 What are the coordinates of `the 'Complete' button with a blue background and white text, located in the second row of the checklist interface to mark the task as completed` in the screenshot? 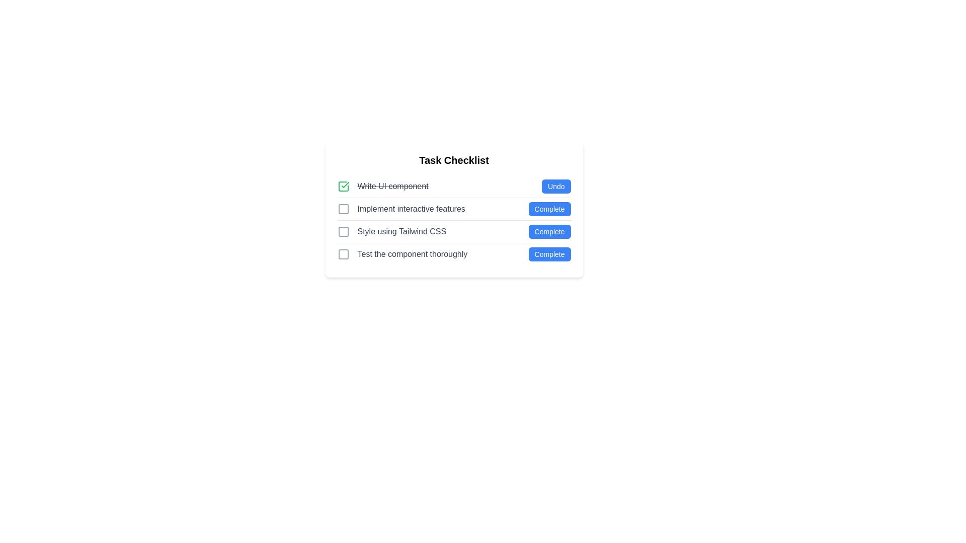 It's located at (549, 209).